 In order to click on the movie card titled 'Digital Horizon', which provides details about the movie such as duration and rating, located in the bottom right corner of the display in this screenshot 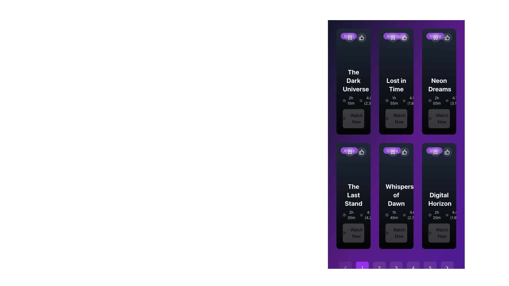, I will do `click(439, 216)`.